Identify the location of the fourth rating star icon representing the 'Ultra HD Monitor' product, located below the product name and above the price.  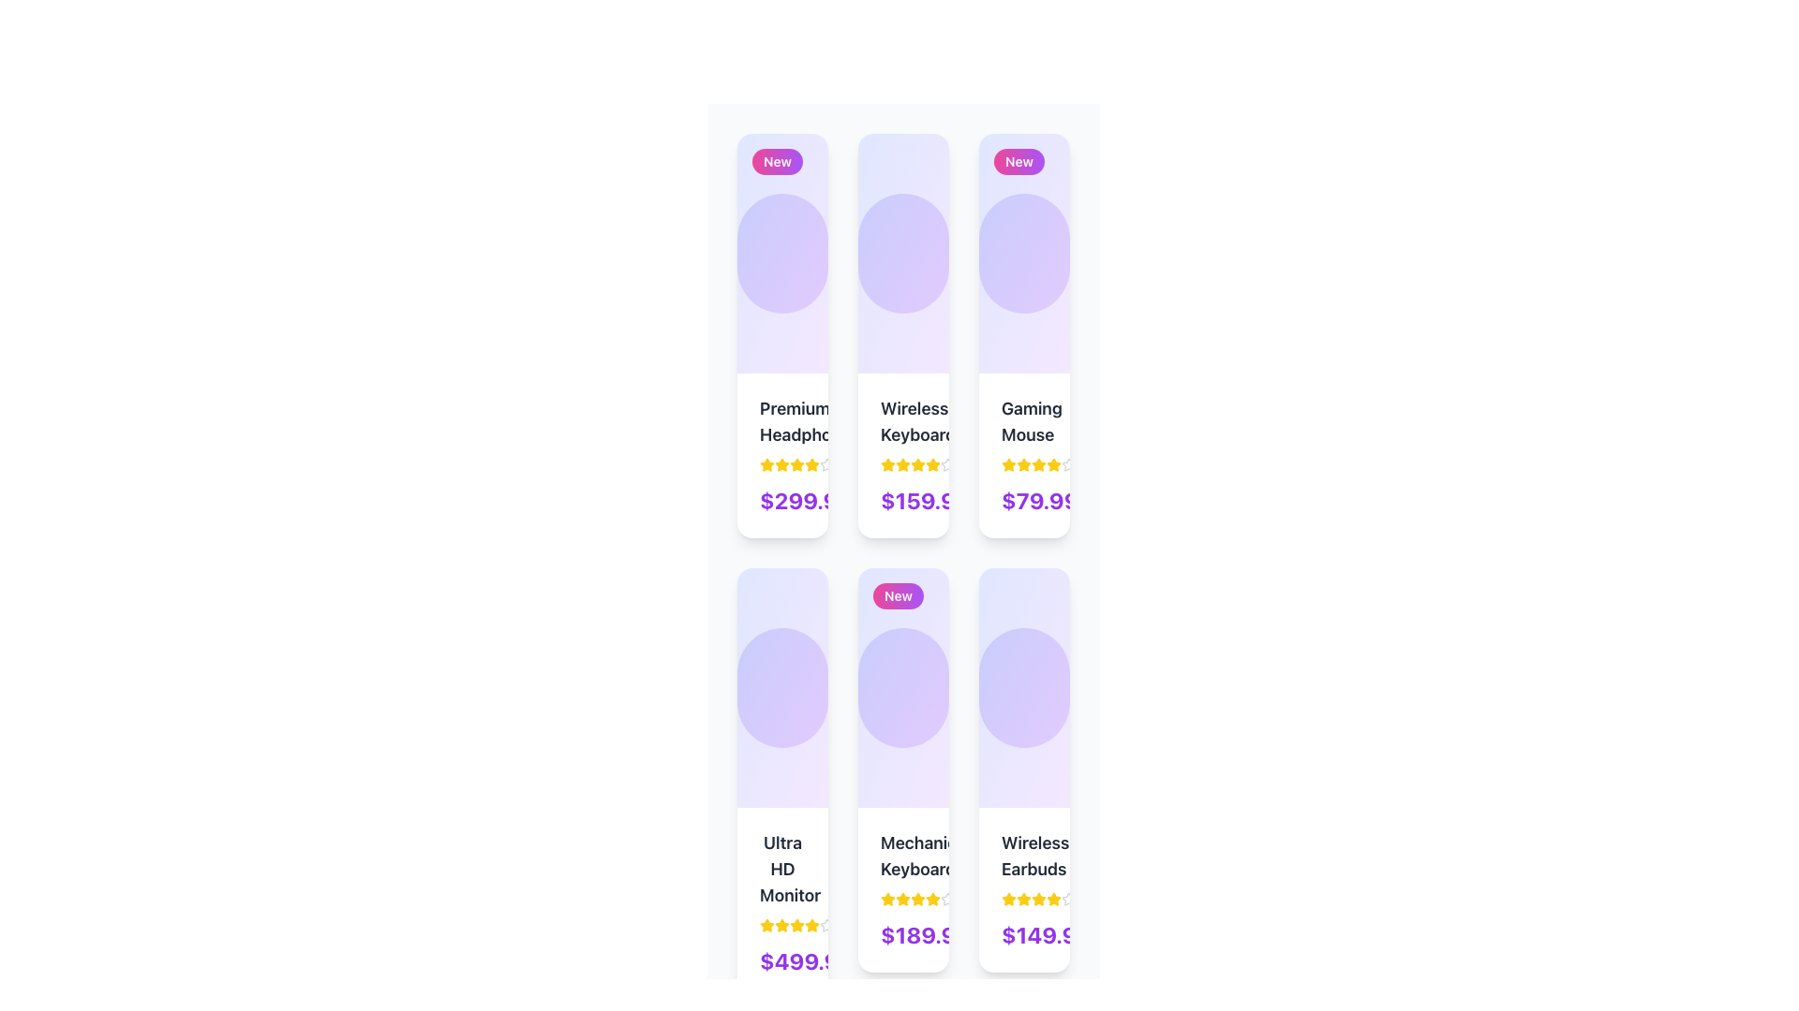
(796, 924).